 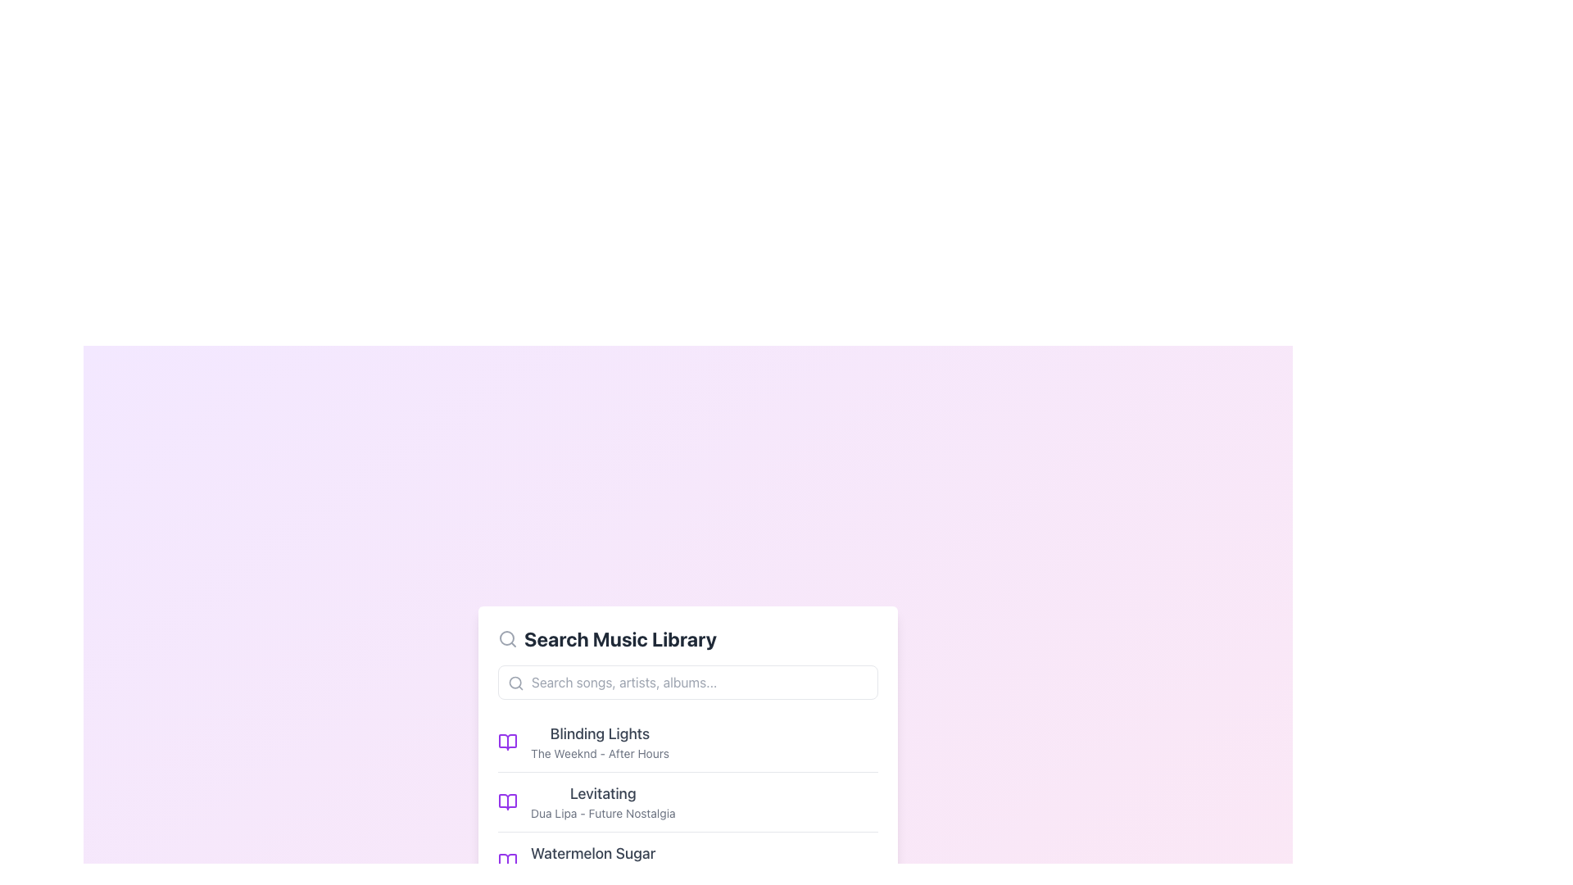 What do you see at coordinates (506, 637) in the screenshot?
I see `the circular element that forms the head of the magnifying glass icon, located next to the 'Search Music Library' heading in the top-left corner of the search interface` at bounding box center [506, 637].